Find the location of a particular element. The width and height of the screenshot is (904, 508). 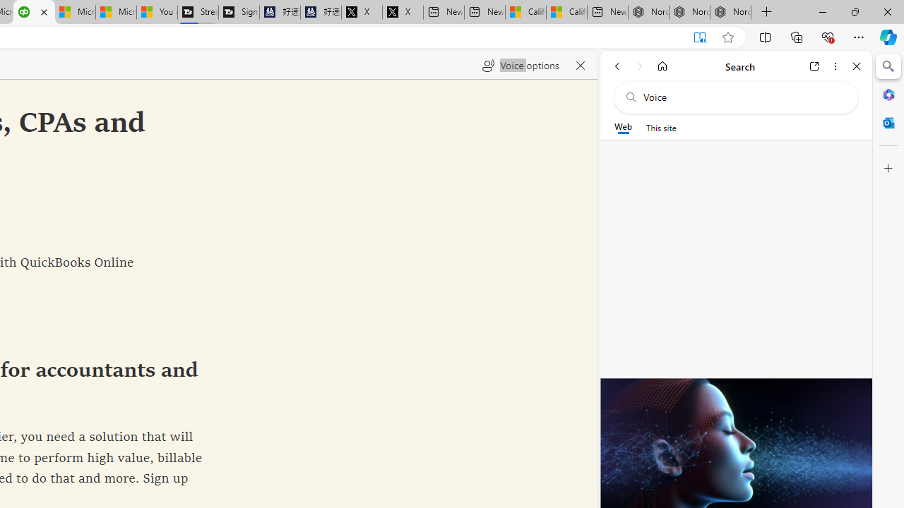

'Exit Immersive Reader (F9)' is located at coordinates (700, 37).